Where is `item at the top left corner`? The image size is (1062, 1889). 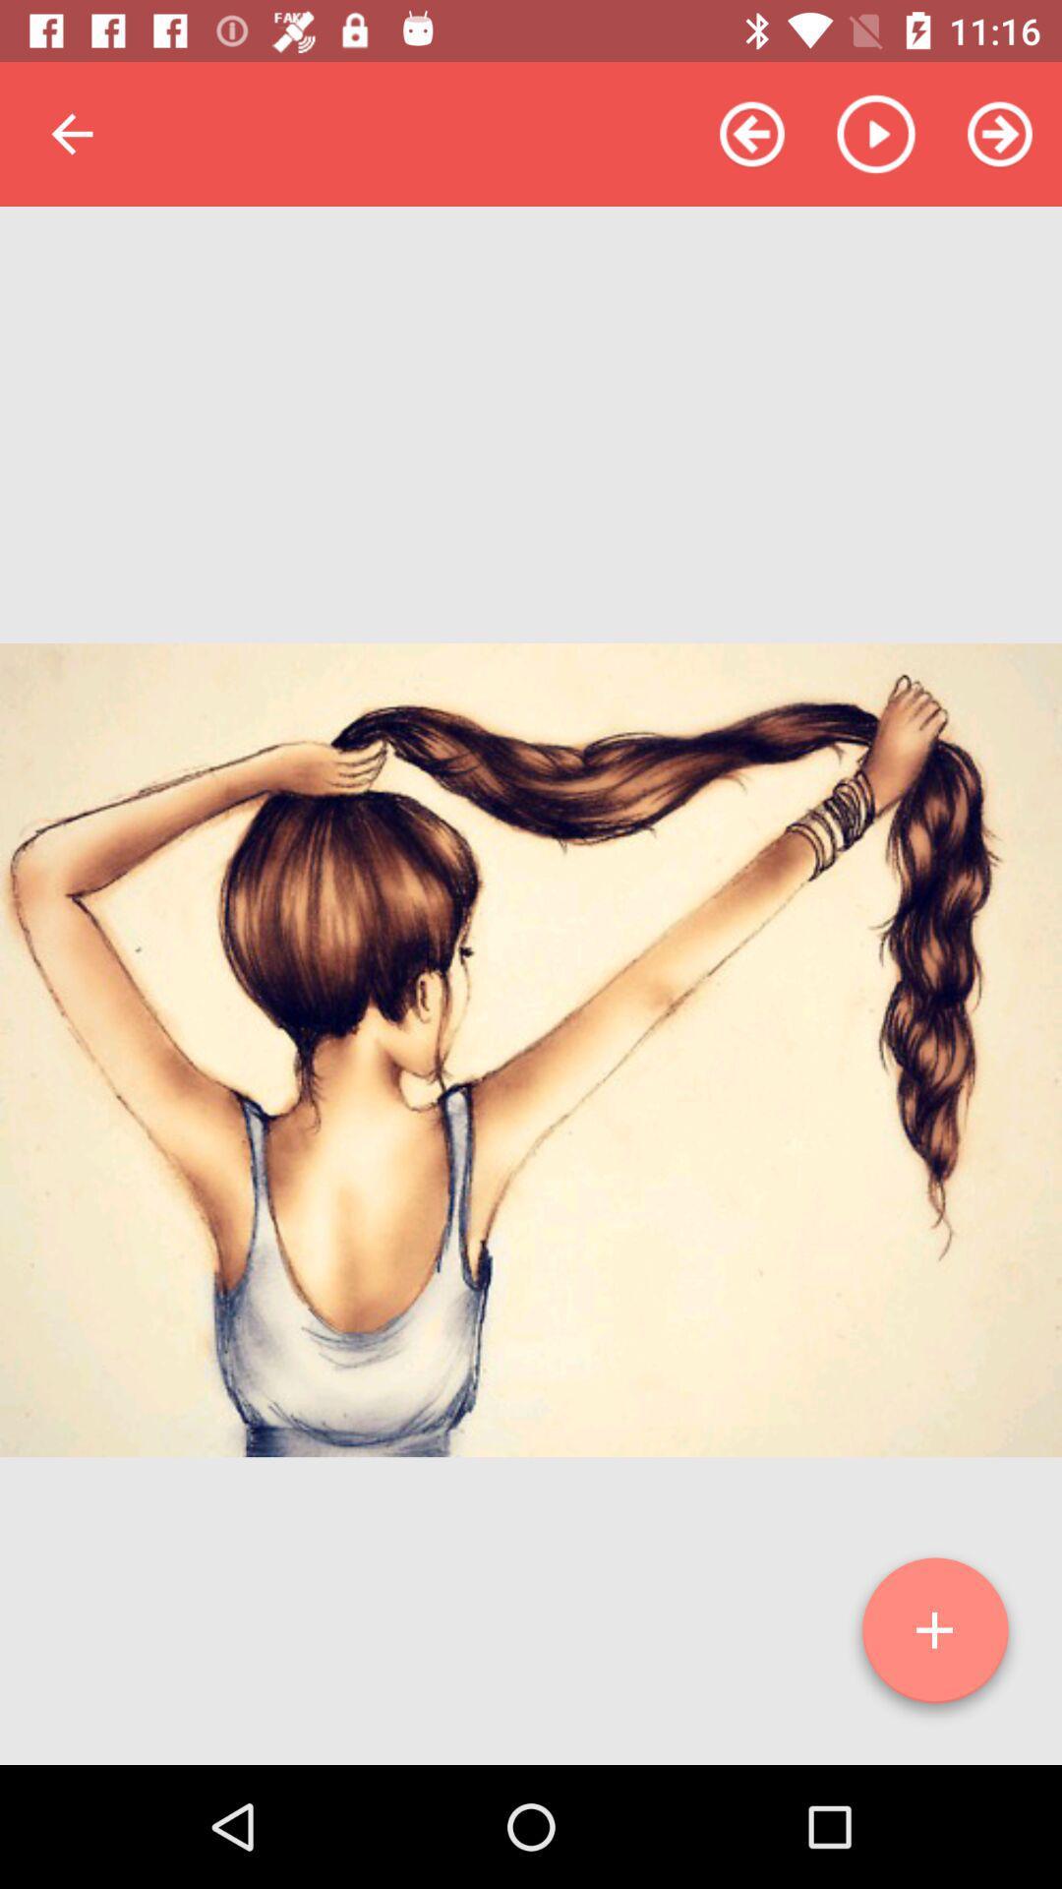 item at the top left corner is located at coordinates (71, 133).